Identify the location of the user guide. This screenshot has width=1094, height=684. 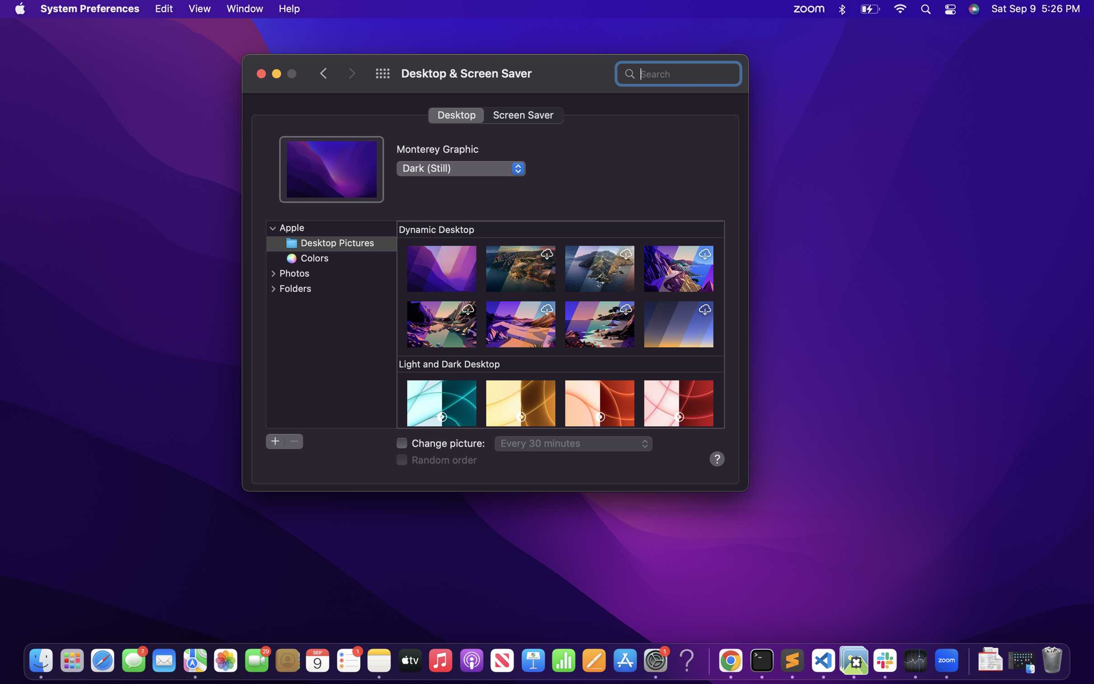
(716, 458).